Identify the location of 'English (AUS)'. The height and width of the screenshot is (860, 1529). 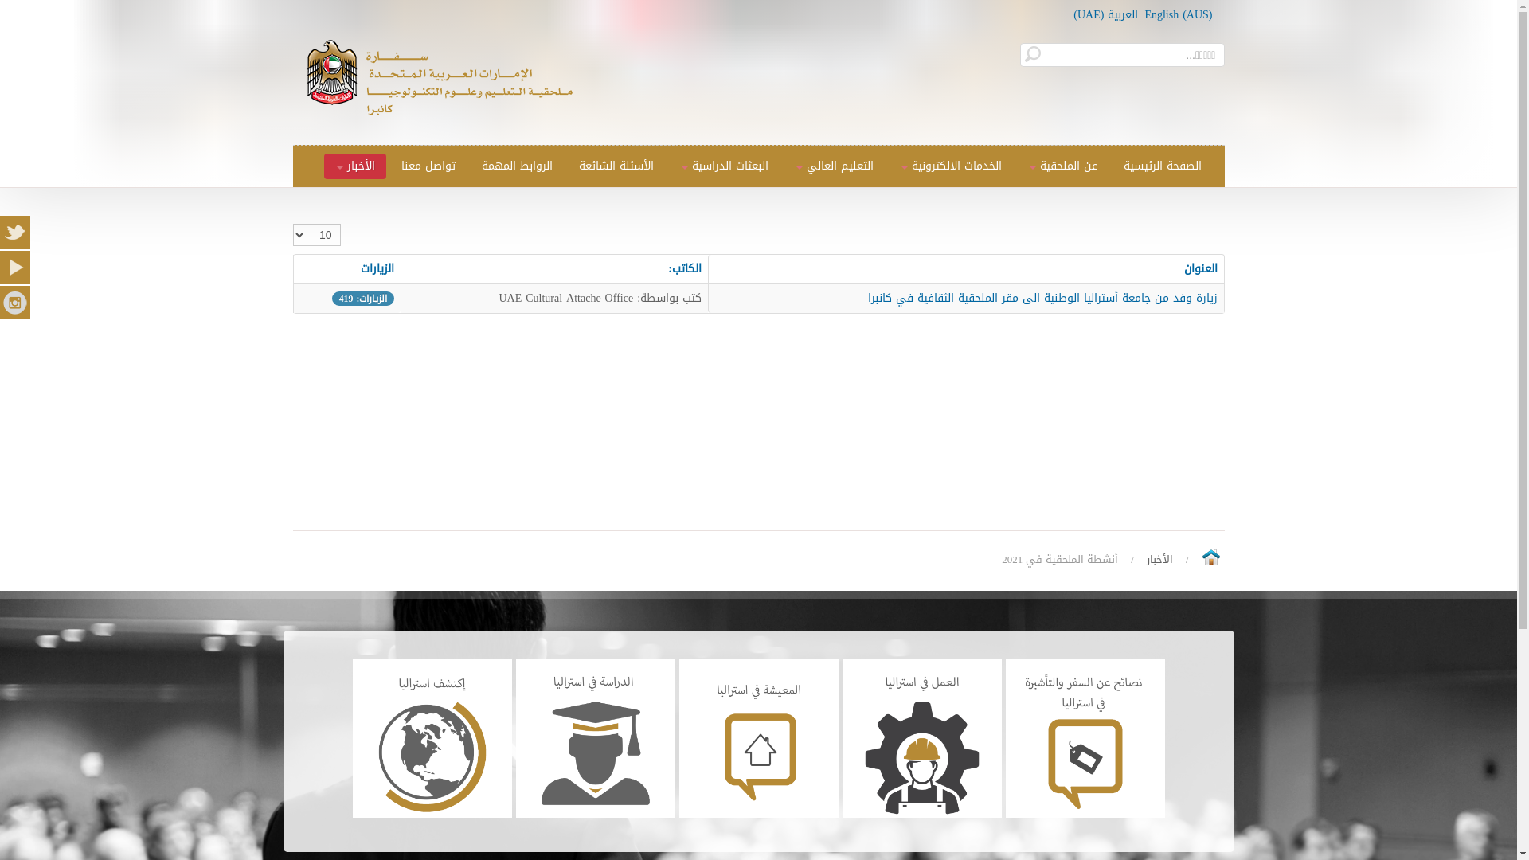
(1178, 14).